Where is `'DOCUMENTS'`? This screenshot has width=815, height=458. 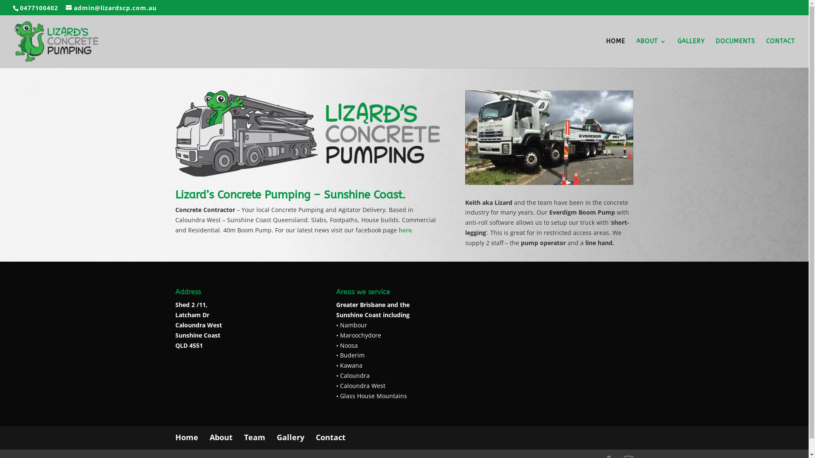
'DOCUMENTS' is located at coordinates (735, 53).